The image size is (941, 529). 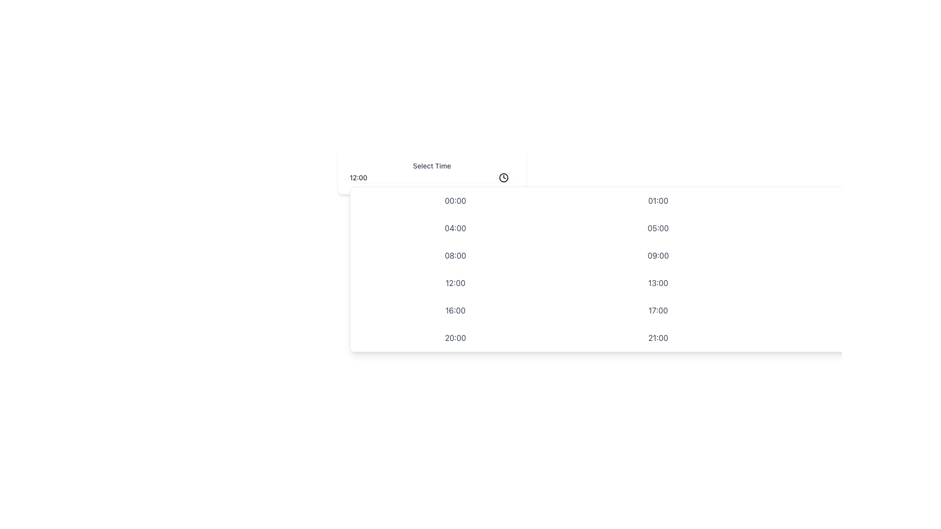 I want to click on the '20:00' time selection button located in the dropdown's grid layout by, so click(x=455, y=337).